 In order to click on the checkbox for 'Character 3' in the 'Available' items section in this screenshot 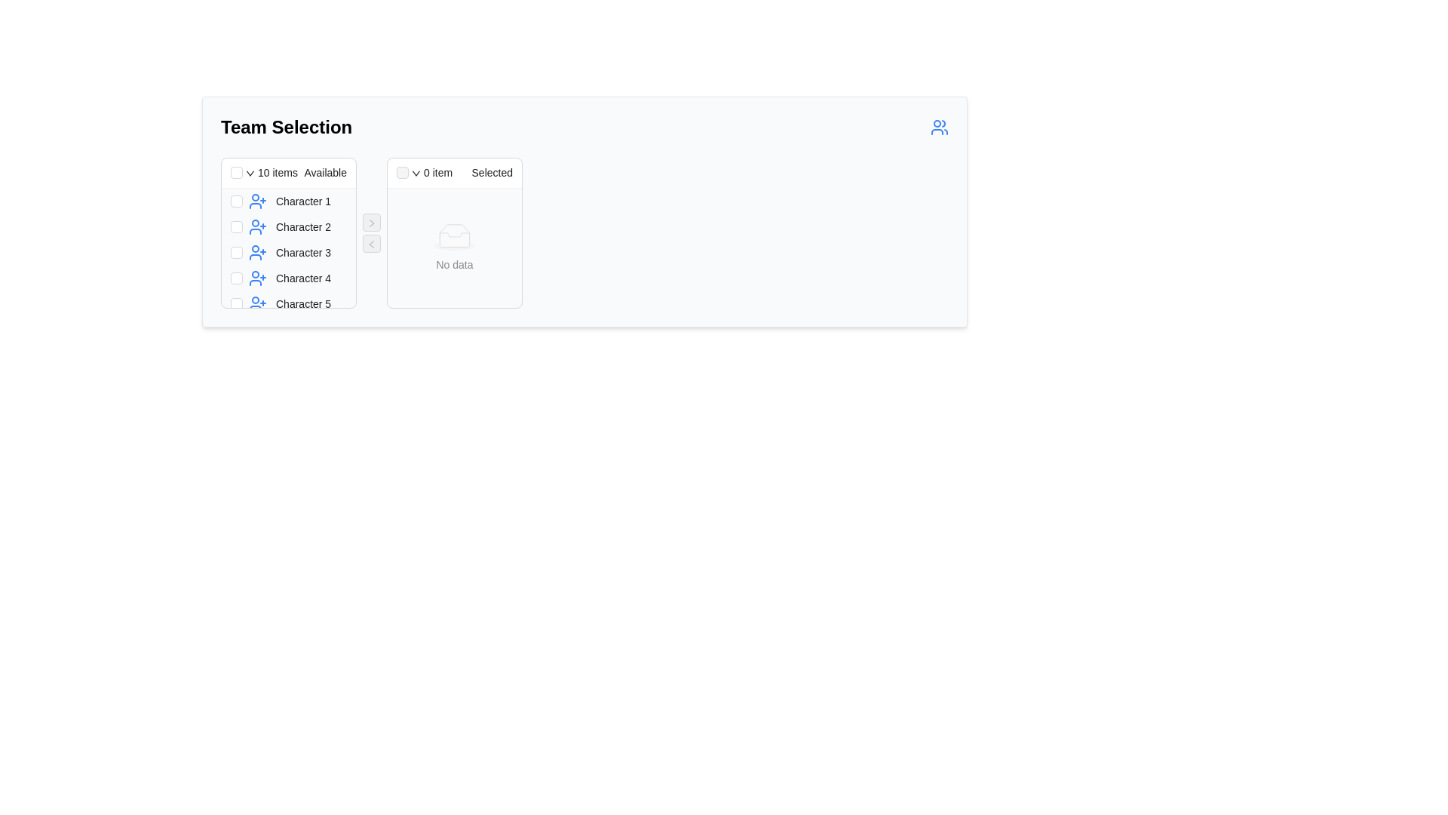, I will do `click(235, 252)`.